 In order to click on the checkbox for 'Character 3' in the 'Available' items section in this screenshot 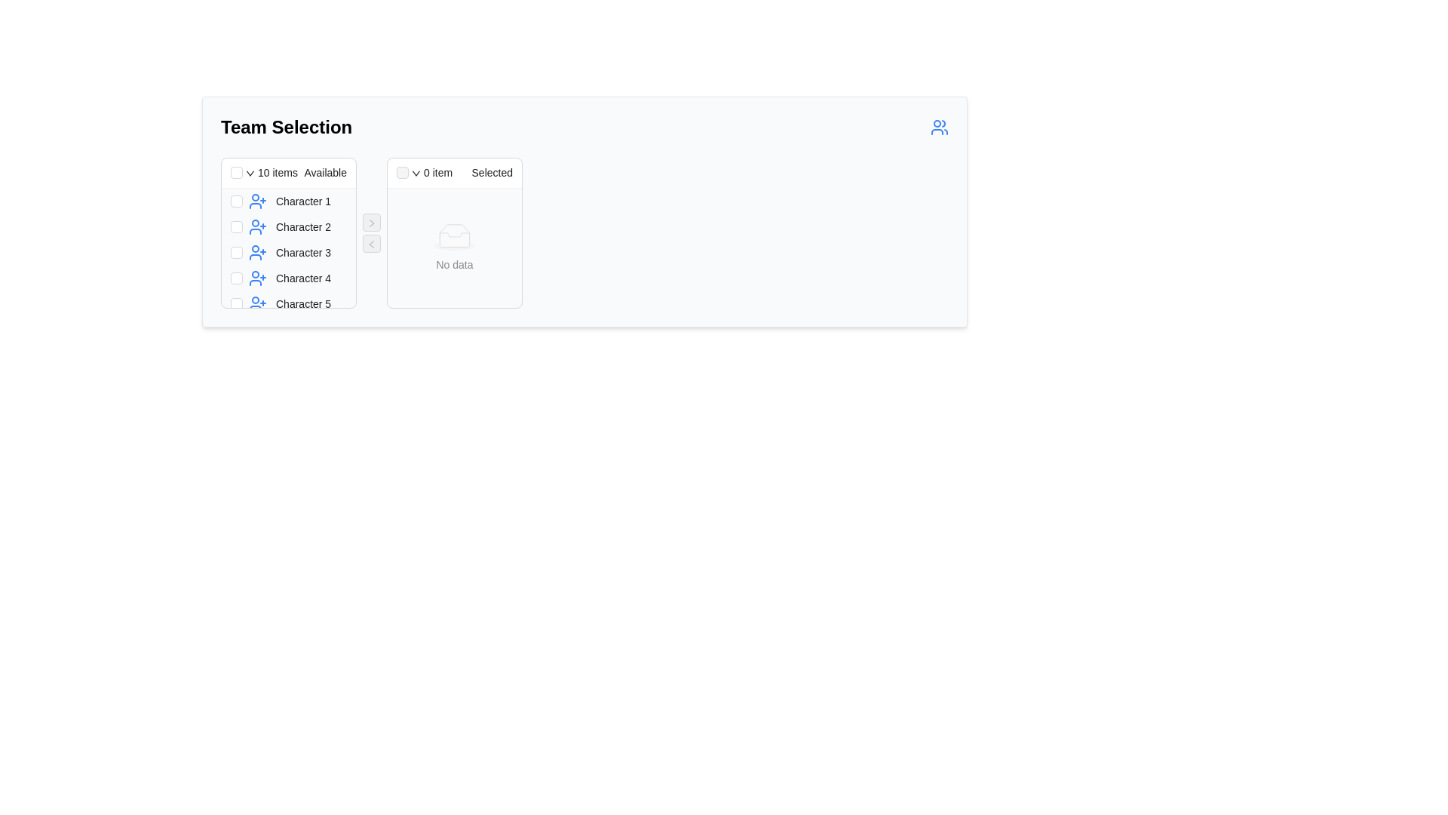, I will do `click(235, 252)`.